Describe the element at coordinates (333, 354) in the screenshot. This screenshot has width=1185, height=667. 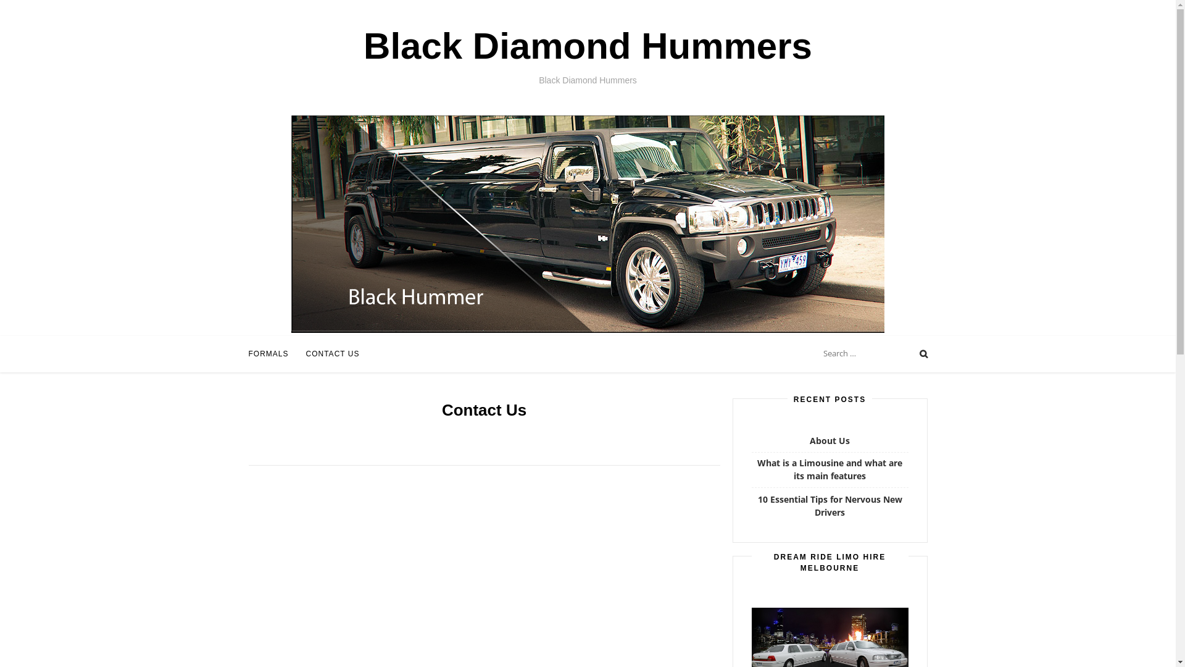
I see `'CONTACT US'` at that location.